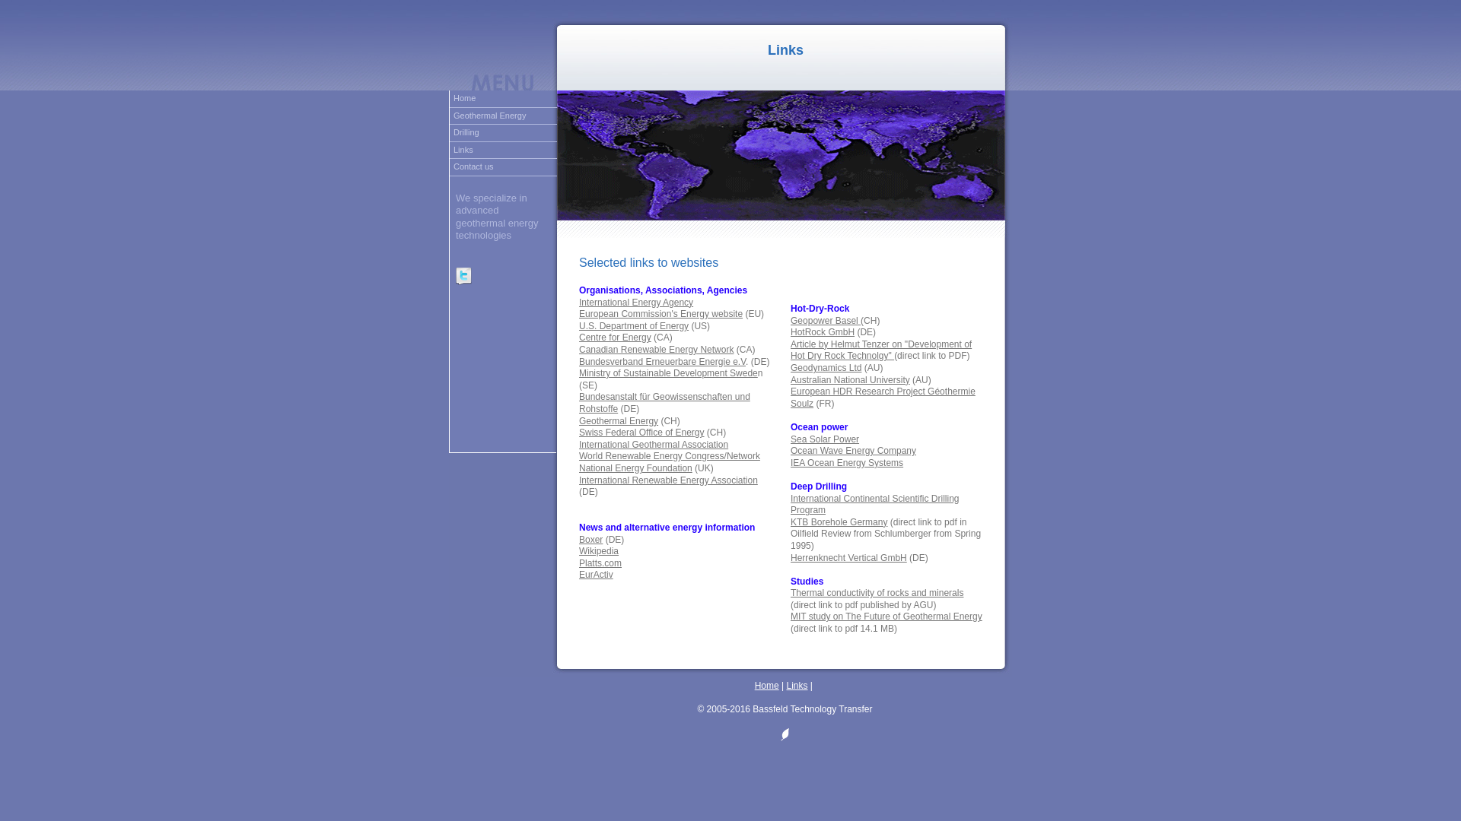 Image resolution: width=1461 pixels, height=821 pixels. I want to click on 'Geopower Basel', so click(824, 319).